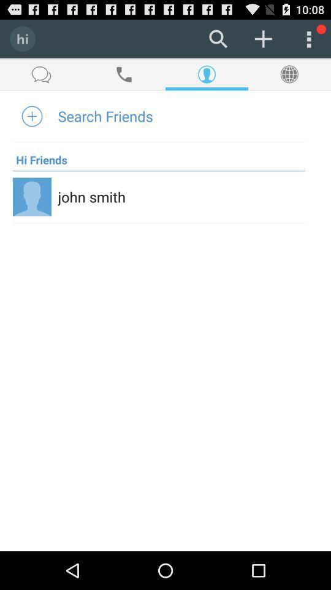  What do you see at coordinates (91, 197) in the screenshot?
I see `john smith icon` at bounding box center [91, 197].